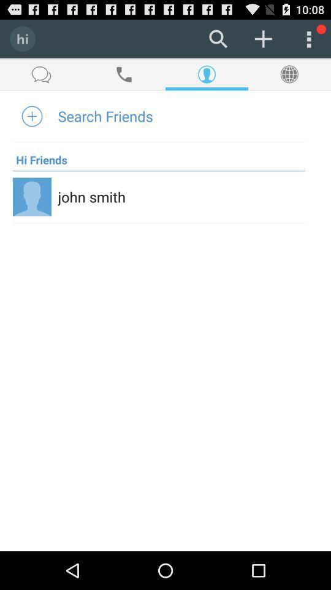  What do you see at coordinates (91, 197) in the screenshot?
I see `john smith icon` at bounding box center [91, 197].